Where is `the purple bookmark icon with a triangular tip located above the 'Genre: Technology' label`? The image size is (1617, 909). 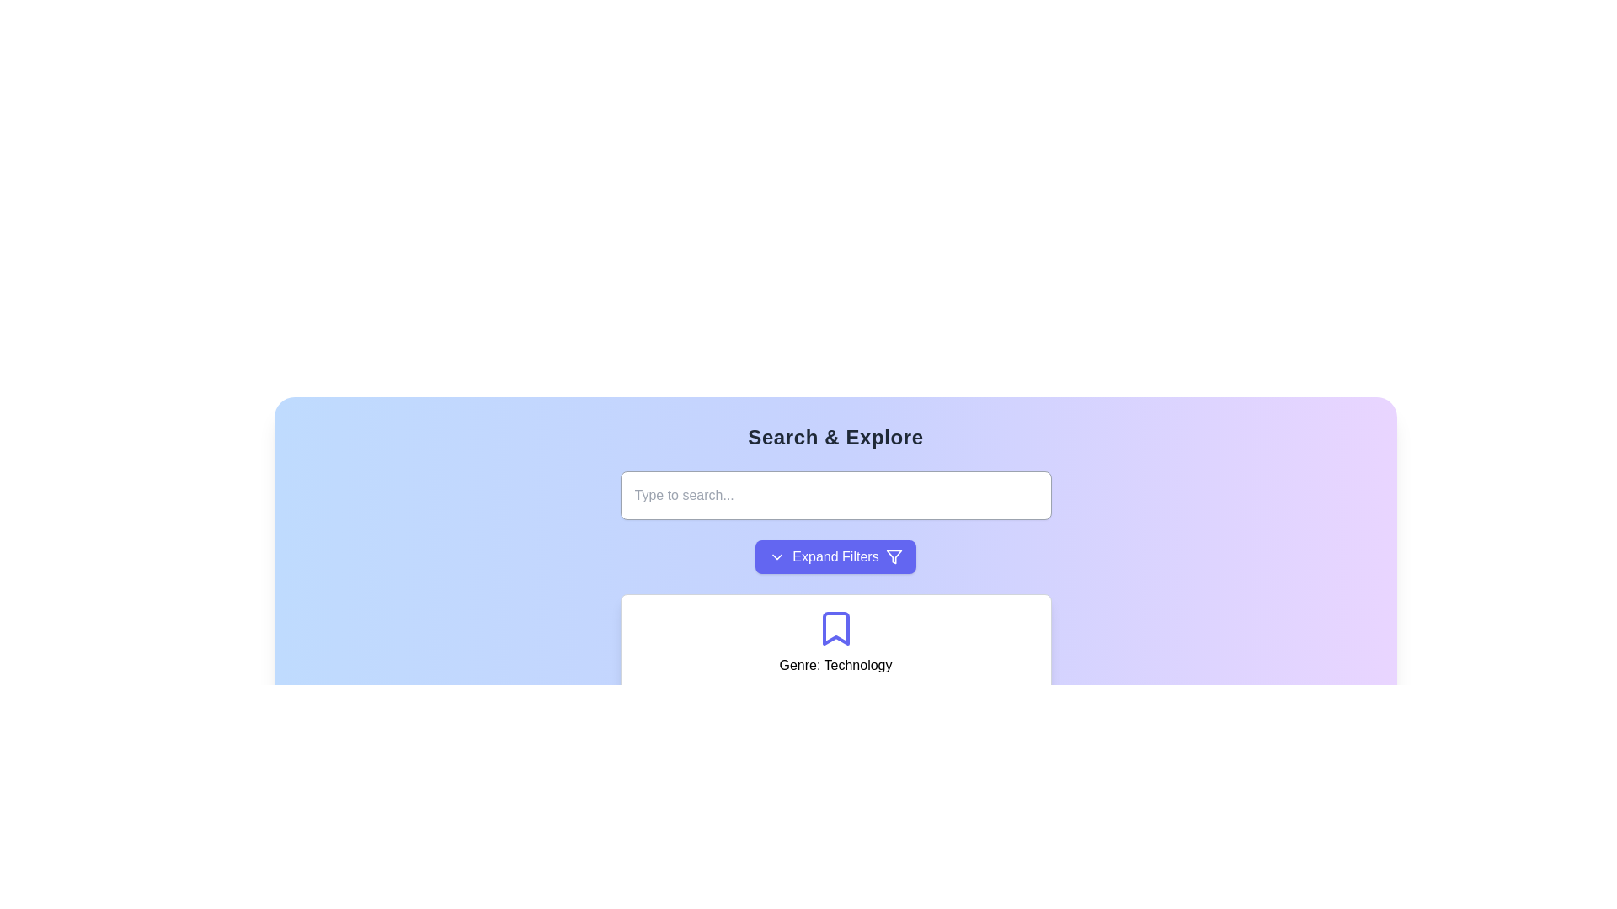 the purple bookmark icon with a triangular tip located above the 'Genre: Technology' label is located at coordinates (835, 629).